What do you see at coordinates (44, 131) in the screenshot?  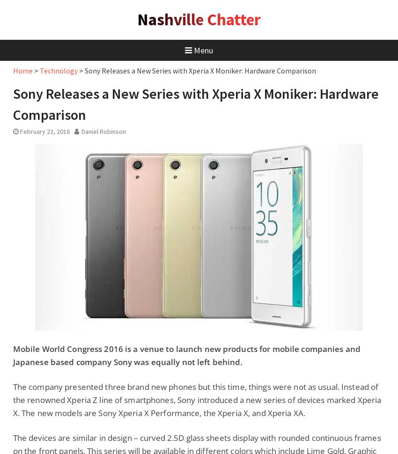 I see `'February 23, 2016'` at bounding box center [44, 131].